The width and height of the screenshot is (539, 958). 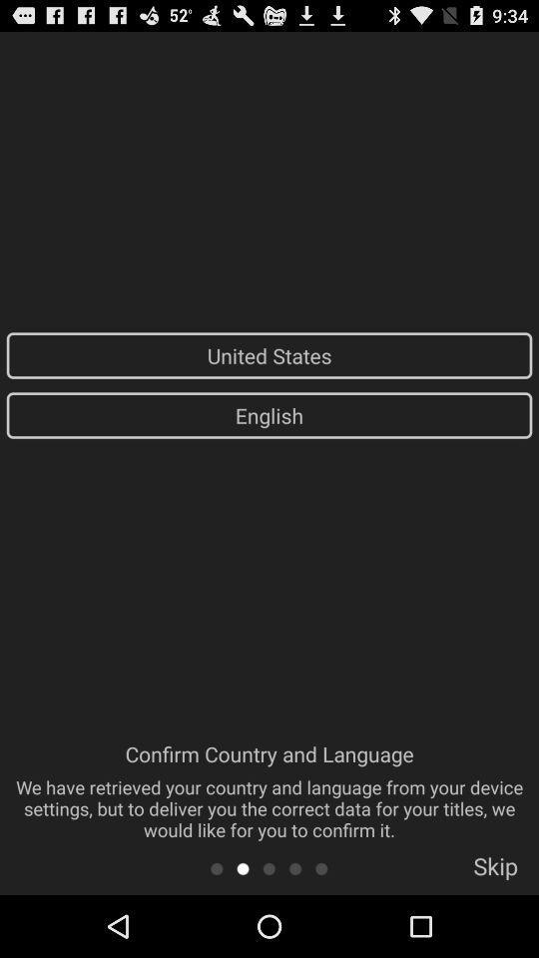 I want to click on app below confirm country and item, so click(x=269, y=867).